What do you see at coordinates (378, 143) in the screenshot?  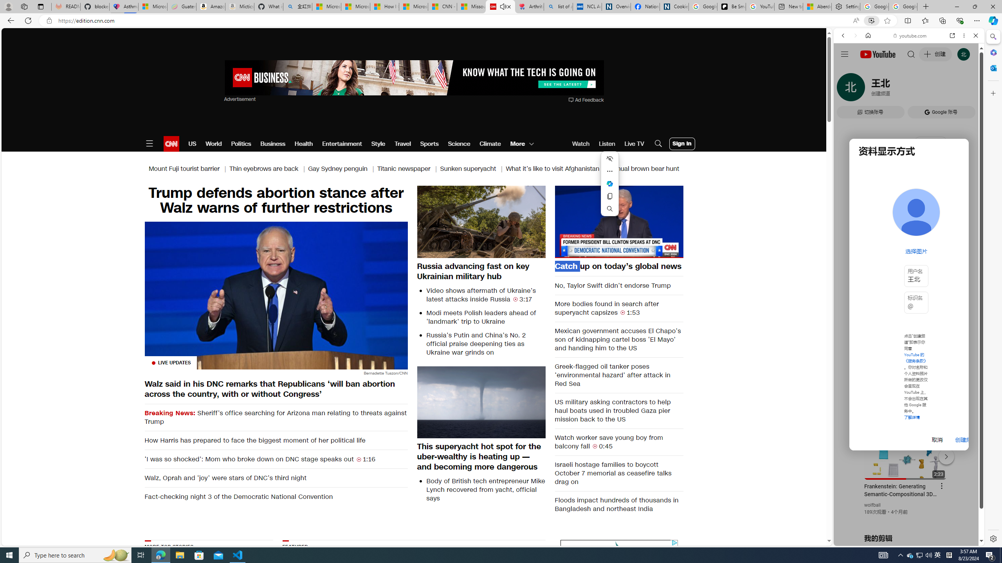 I see `'Style'` at bounding box center [378, 143].